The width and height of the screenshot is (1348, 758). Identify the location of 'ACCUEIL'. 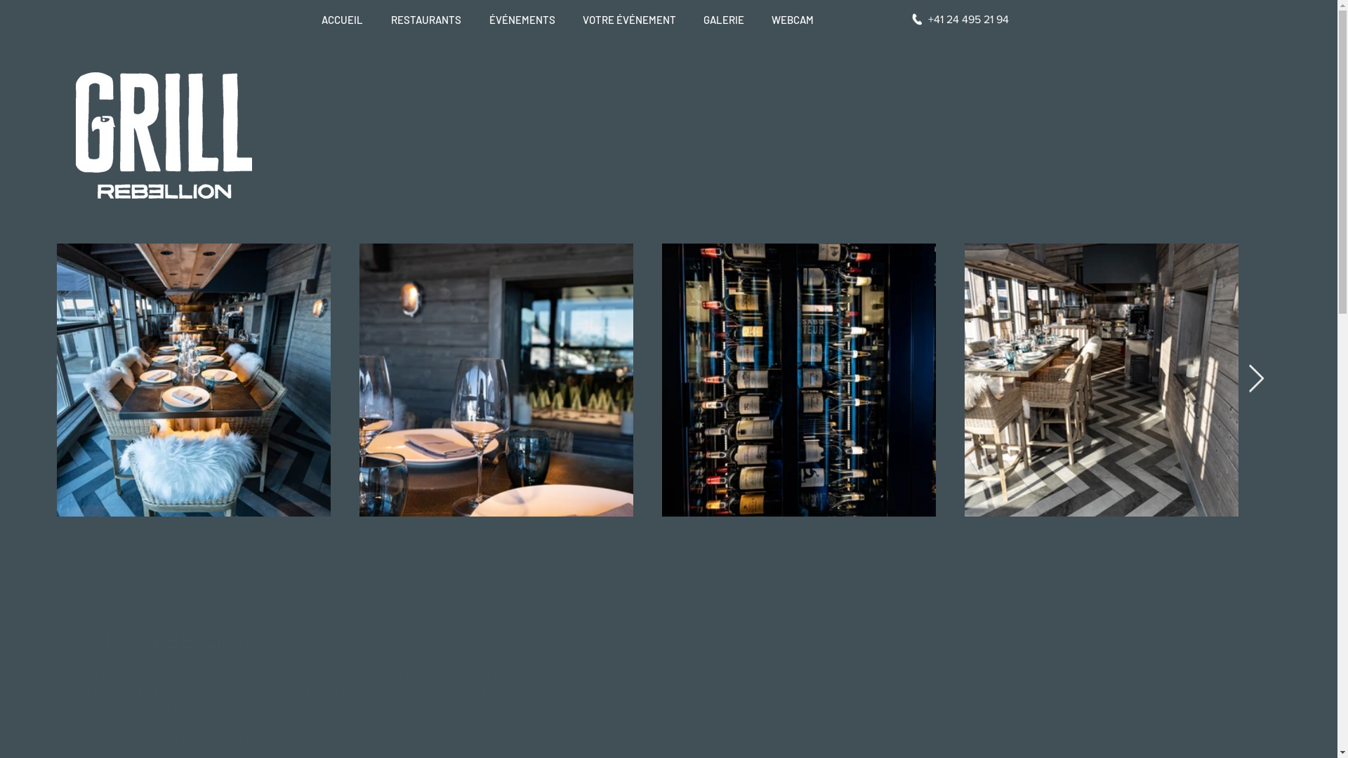
(345, 19).